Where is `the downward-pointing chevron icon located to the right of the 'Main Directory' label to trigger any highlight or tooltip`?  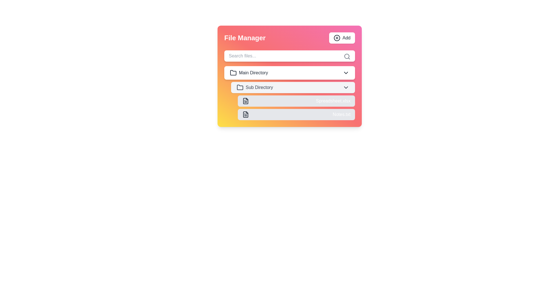 the downward-pointing chevron icon located to the right of the 'Main Directory' label to trigger any highlight or tooltip is located at coordinates (346, 72).